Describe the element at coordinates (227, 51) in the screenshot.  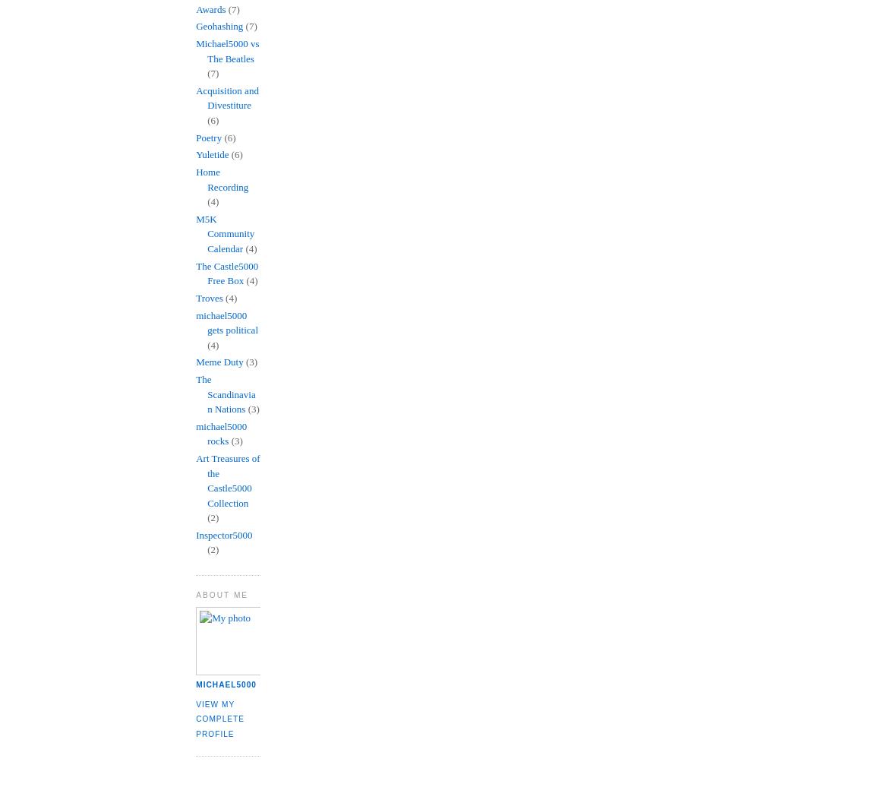
I see `'Michael5000 vs The Beatles'` at that location.